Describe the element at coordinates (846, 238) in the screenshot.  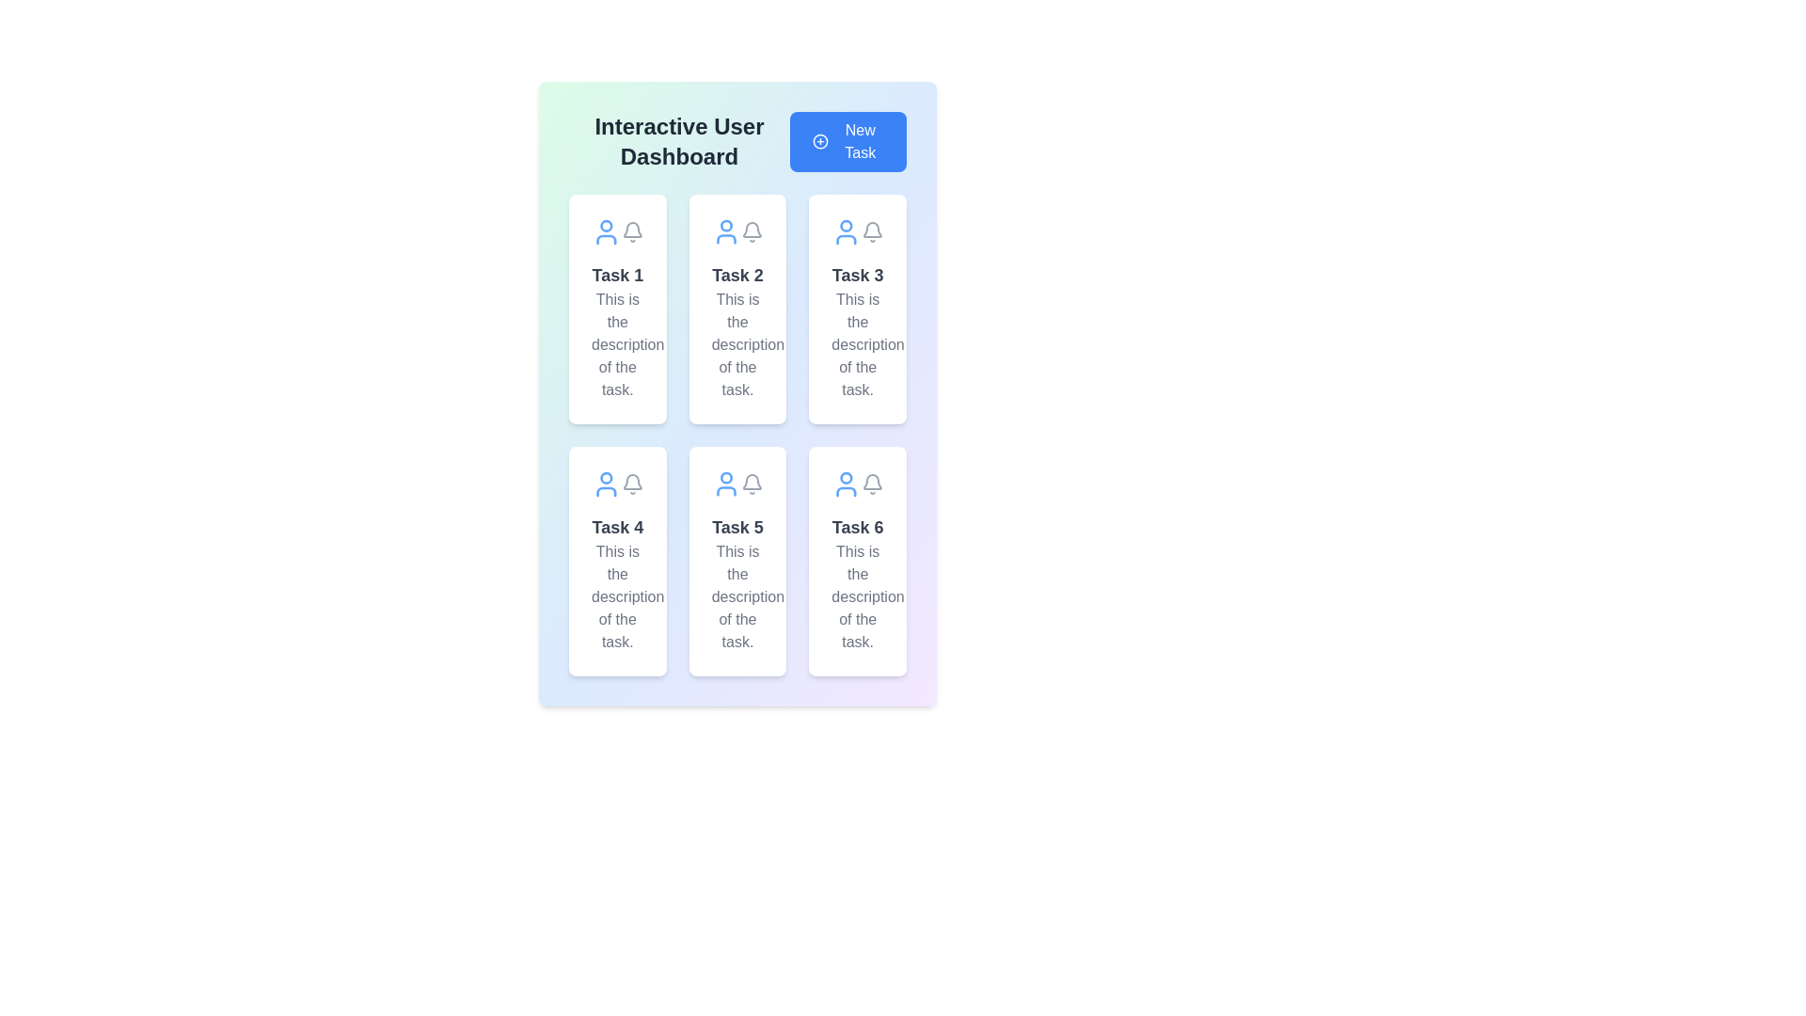
I see `the curved line forming the base of the avatar's body in the SVG icon for 'Task 3', located in the center column of the task dashboard` at that location.